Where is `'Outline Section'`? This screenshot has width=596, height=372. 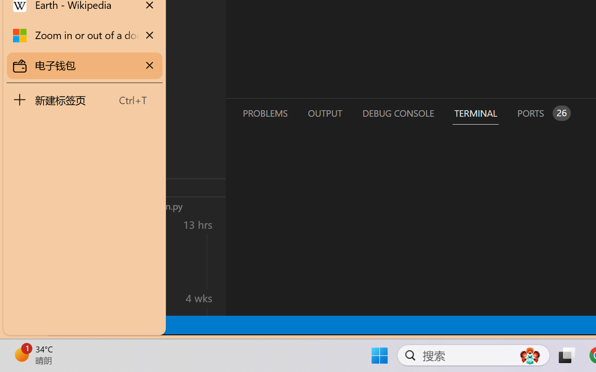
'Outline Section' is located at coordinates (154, 187).